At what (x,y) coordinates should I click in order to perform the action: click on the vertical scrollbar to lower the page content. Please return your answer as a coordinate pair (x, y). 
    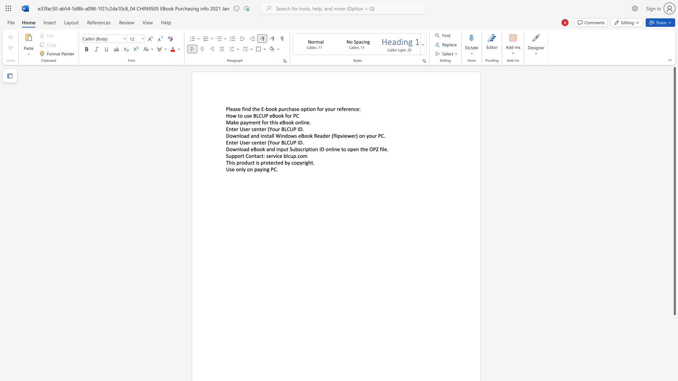
    Looking at the image, I should click on (674, 356).